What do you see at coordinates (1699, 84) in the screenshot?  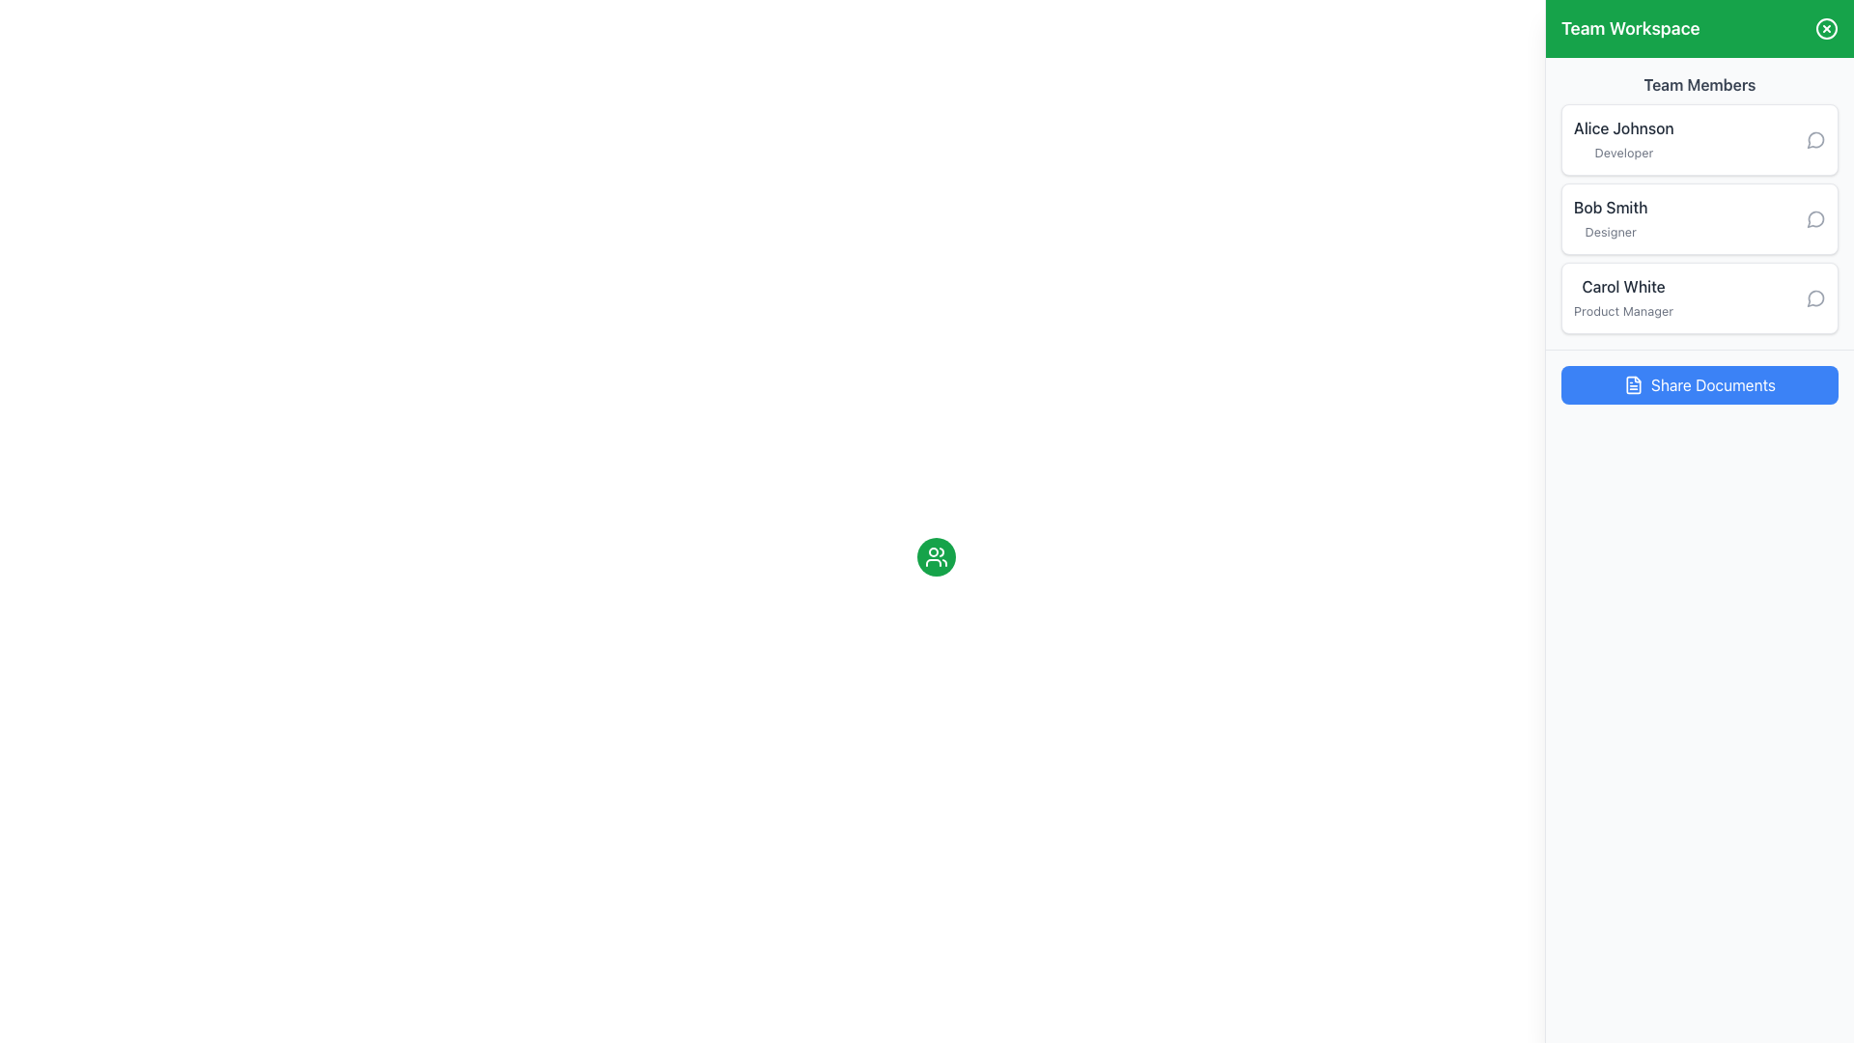 I see `the header text indicating the team members section in the right sidebar labeled 'Team Workspace'` at bounding box center [1699, 84].